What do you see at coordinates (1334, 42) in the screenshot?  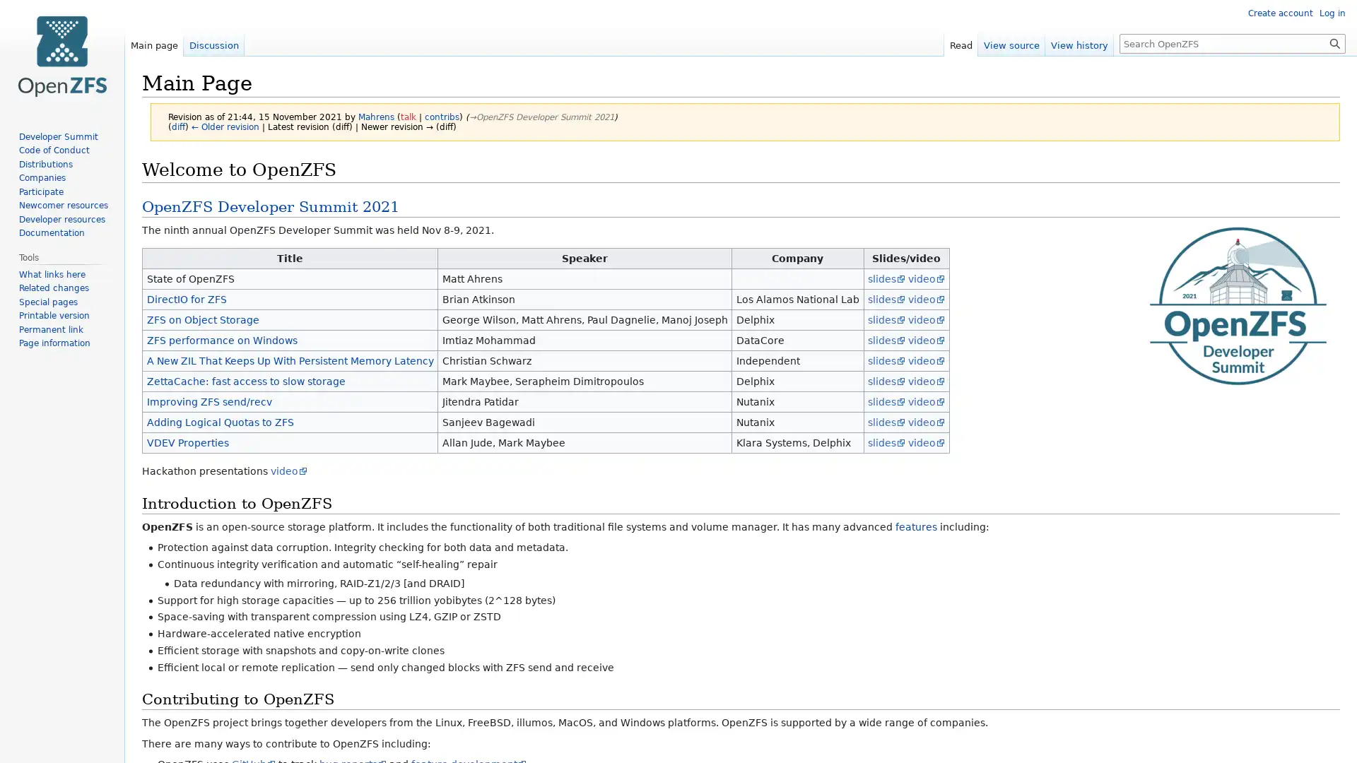 I see `Go` at bounding box center [1334, 42].